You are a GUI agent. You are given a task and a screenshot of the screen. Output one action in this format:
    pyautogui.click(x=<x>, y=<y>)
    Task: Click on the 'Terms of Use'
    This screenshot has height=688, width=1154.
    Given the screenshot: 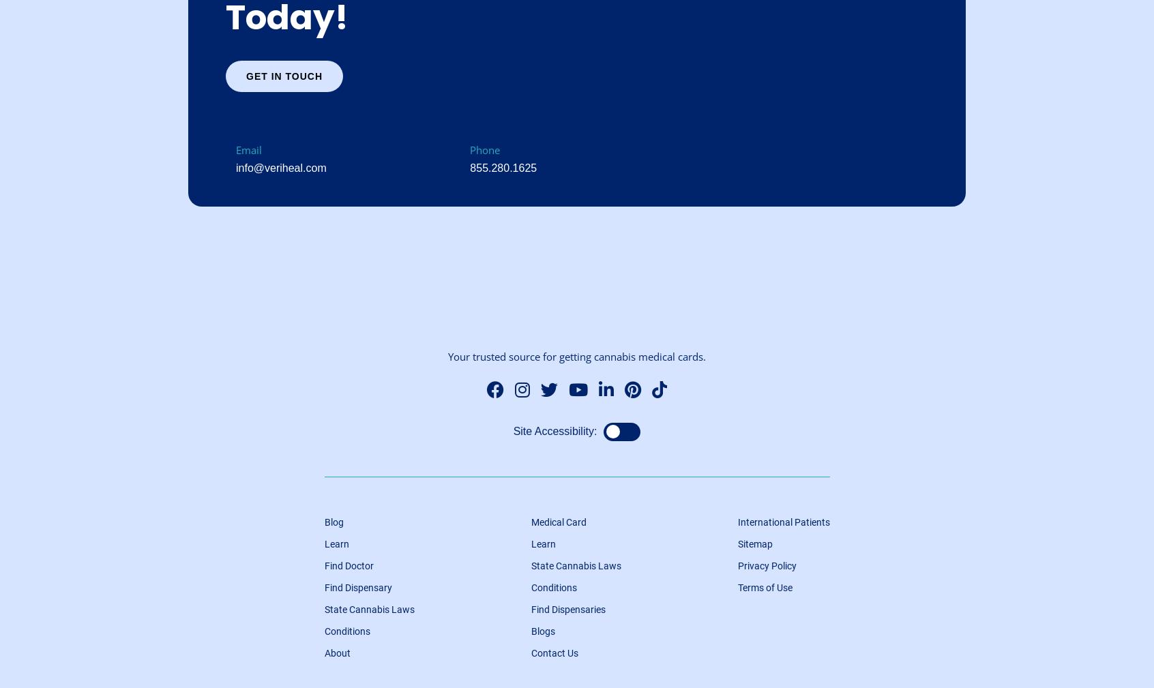 What is the action you would take?
    pyautogui.click(x=764, y=587)
    